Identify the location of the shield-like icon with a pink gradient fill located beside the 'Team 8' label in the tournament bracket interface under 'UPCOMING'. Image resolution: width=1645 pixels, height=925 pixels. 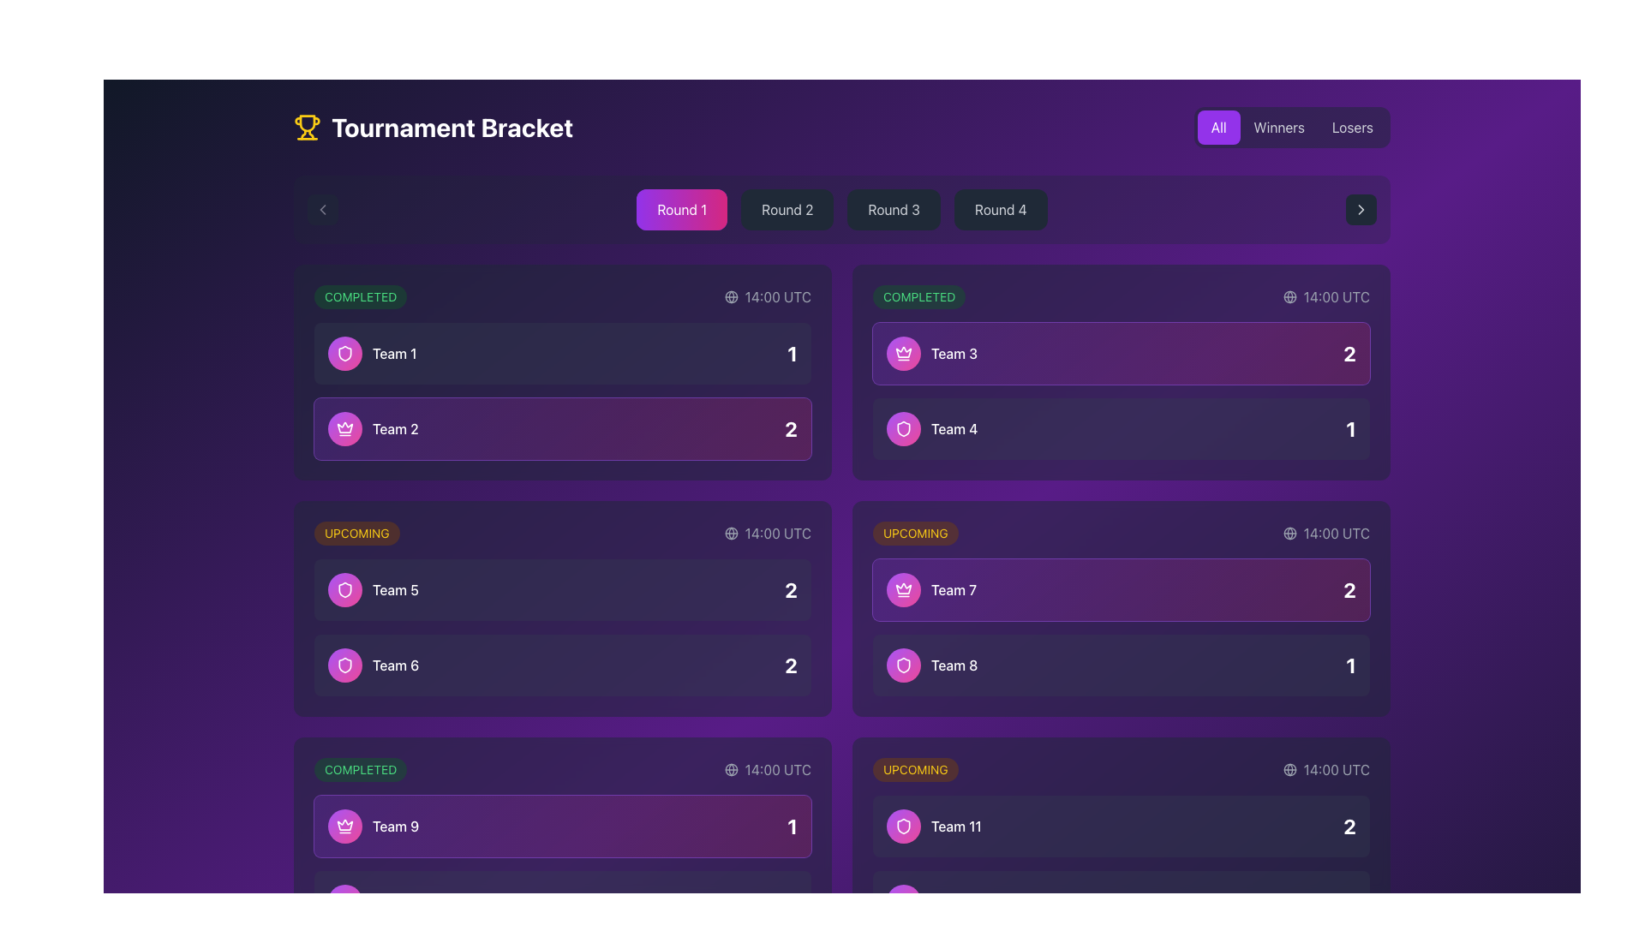
(903, 428).